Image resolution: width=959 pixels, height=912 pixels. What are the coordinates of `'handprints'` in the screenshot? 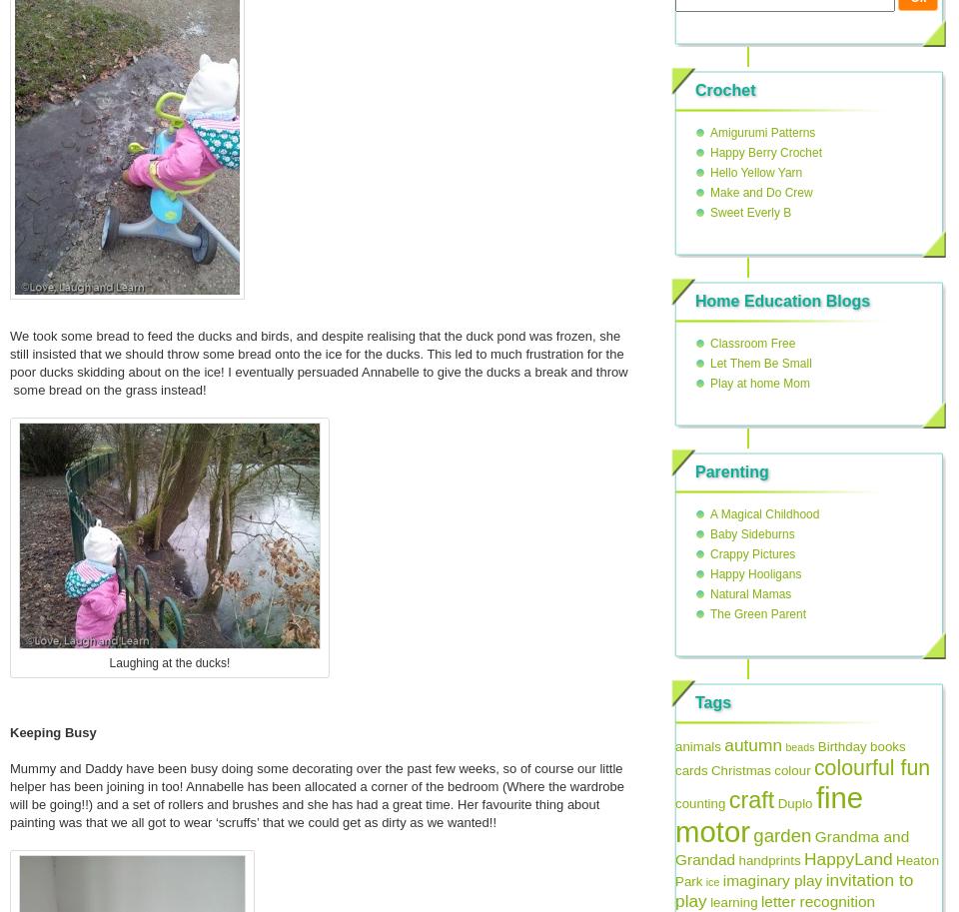 It's located at (768, 860).